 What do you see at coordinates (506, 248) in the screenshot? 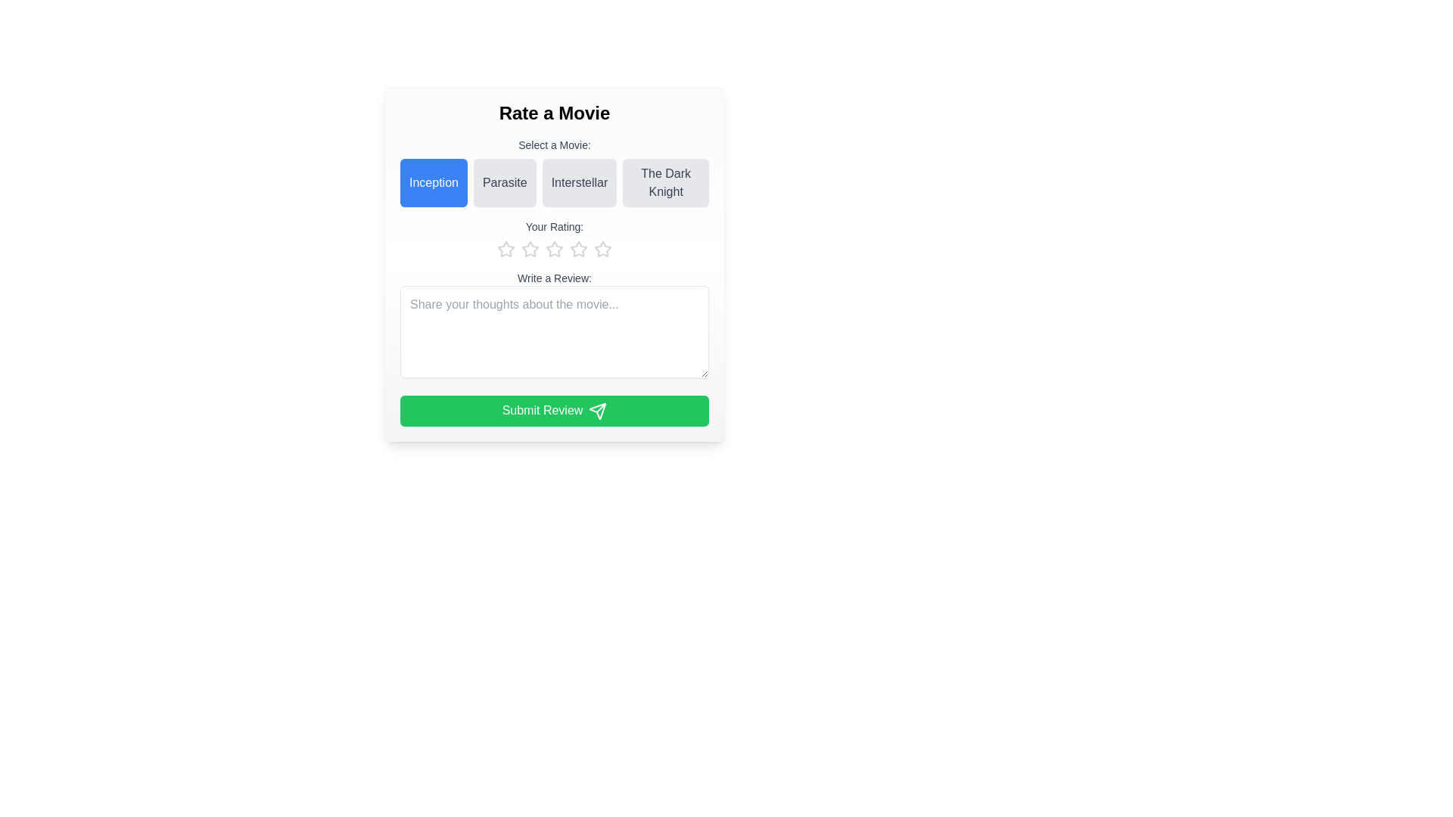
I see `the first star icon in the rating system` at bounding box center [506, 248].